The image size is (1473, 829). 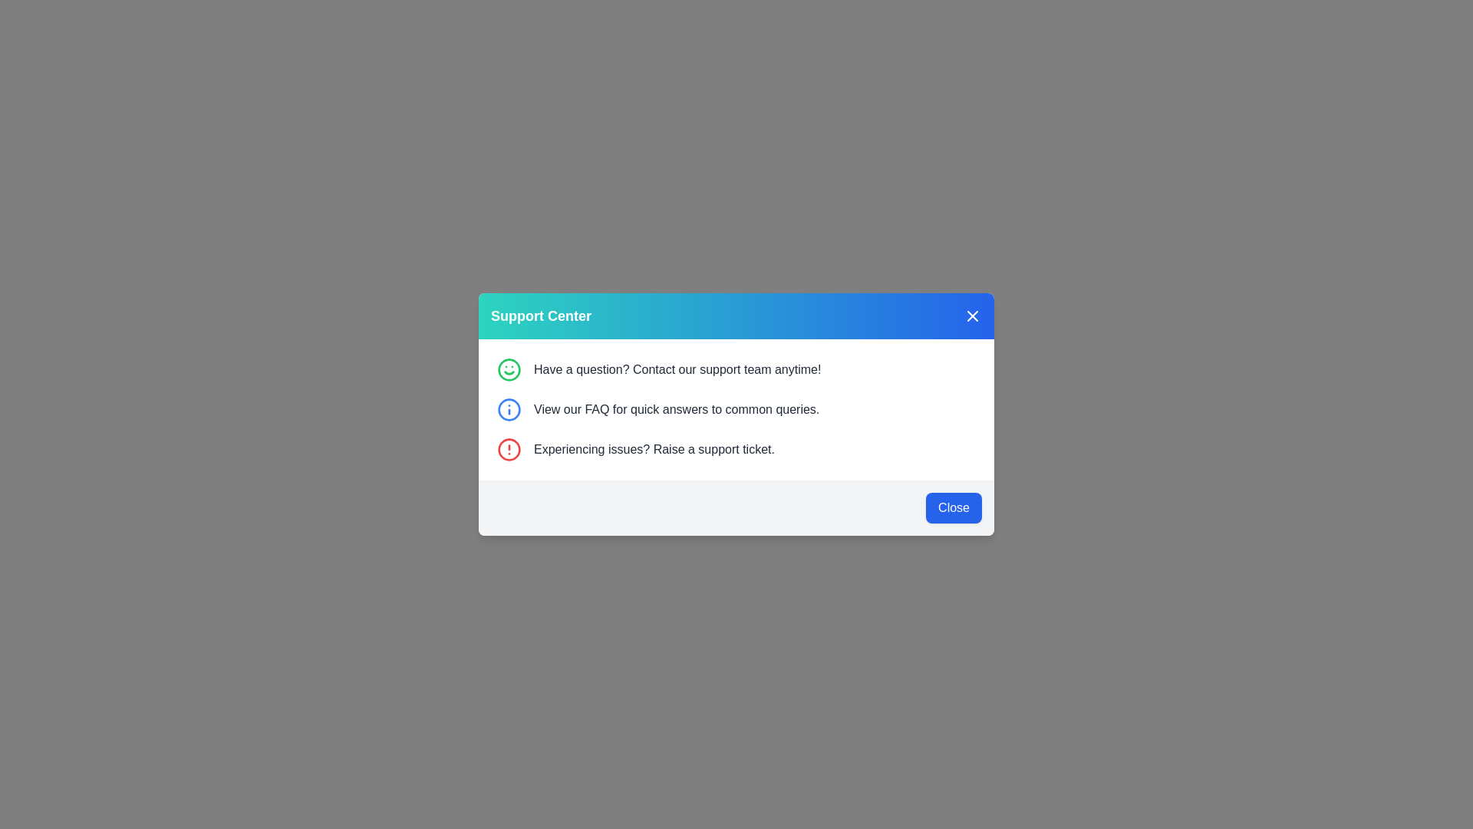 I want to click on static text label that says 'View our FAQ for quick answers to common queries.' which is located beneath the question support text and above the support ticket text, so click(x=676, y=408).